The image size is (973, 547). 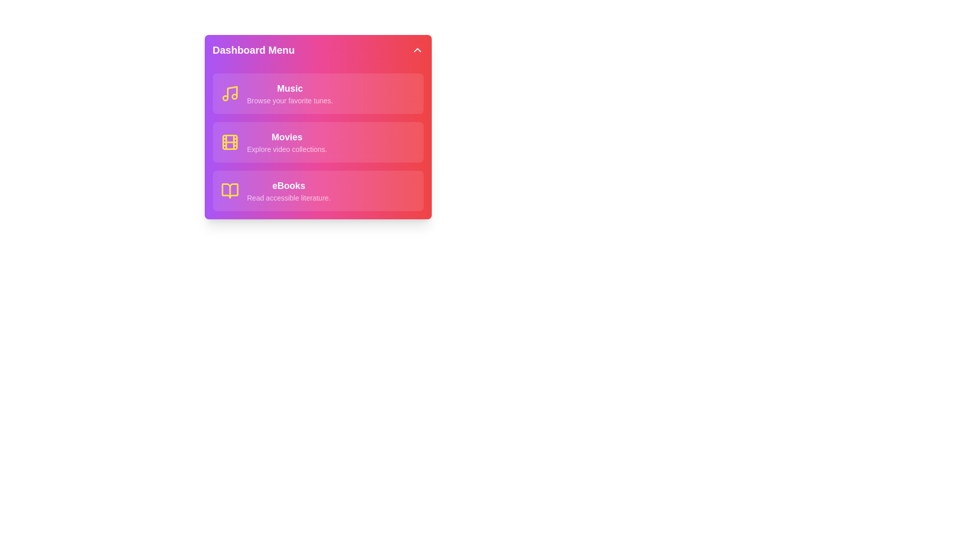 I want to click on the menu item Music to see the hover effect, so click(x=317, y=94).